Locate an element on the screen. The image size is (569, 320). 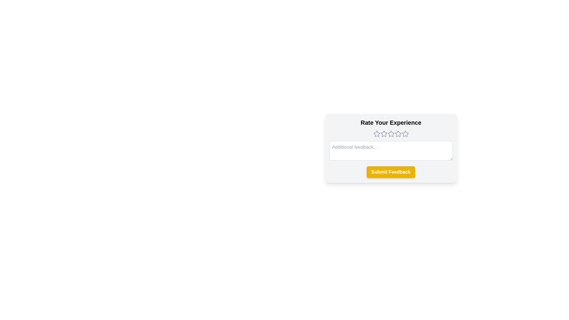
the fourth star icon in the rating system is located at coordinates (391, 134).